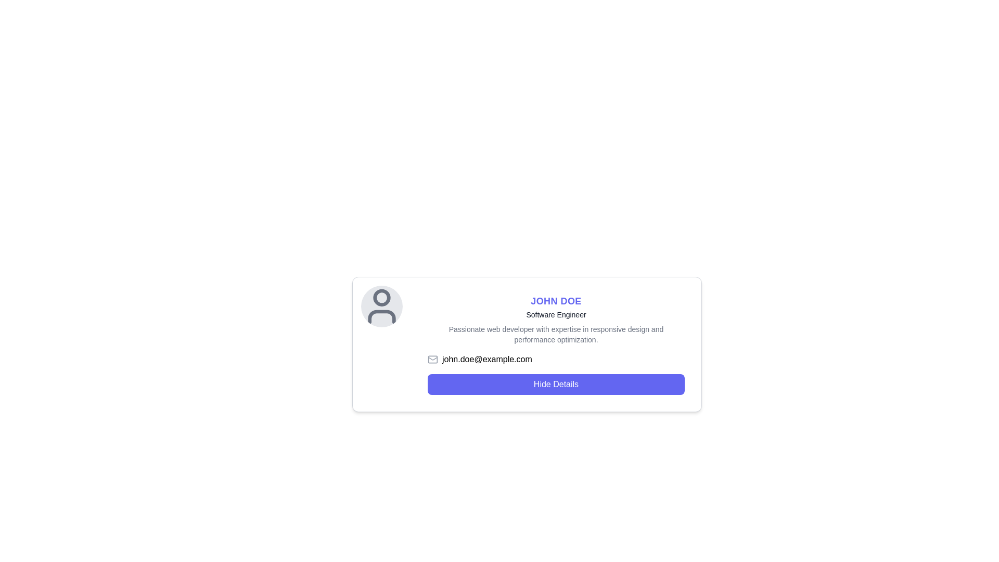 The image size is (999, 562). What do you see at coordinates (432, 359) in the screenshot?
I see `the SVG Rectangle that represents the email icon associated with 'john.doe@example.com', located in the lower section of the user profile card` at bounding box center [432, 359].